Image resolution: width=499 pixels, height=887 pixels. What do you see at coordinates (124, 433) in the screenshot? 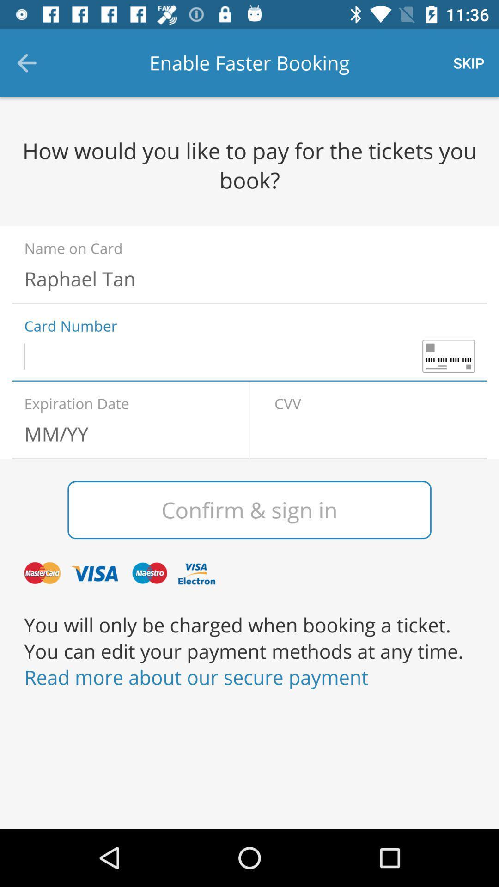
I see `in expiration date` at bounding box center [124, 433].